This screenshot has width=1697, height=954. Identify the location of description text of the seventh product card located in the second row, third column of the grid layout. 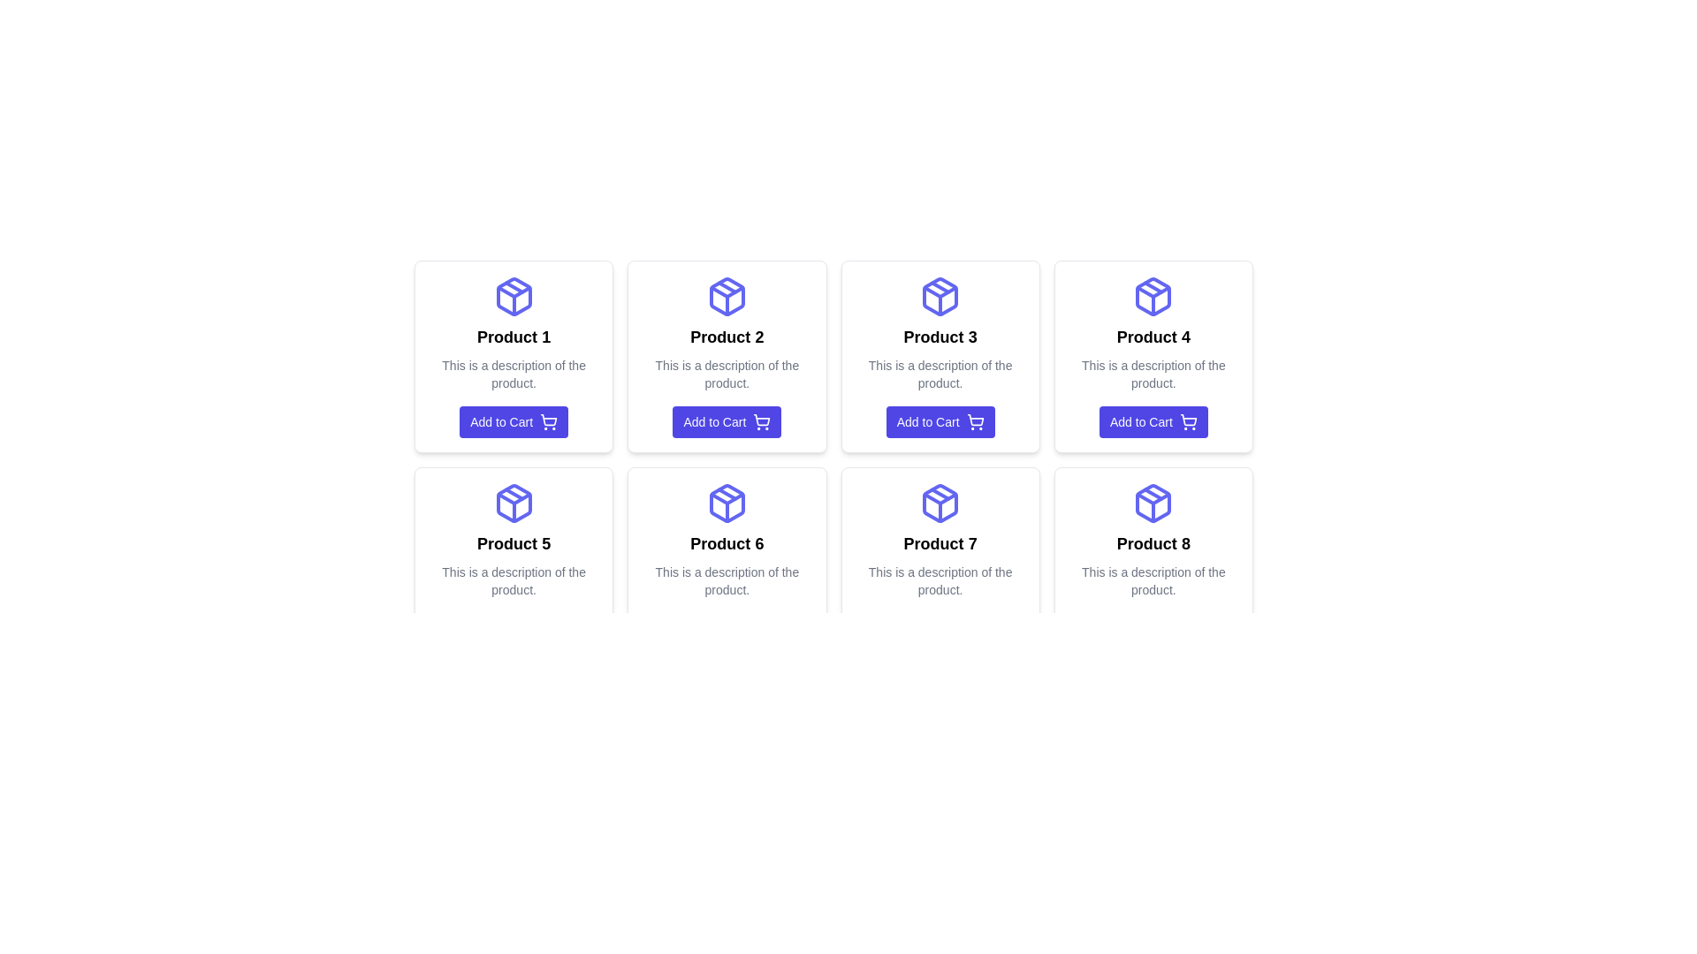
(940, 563).